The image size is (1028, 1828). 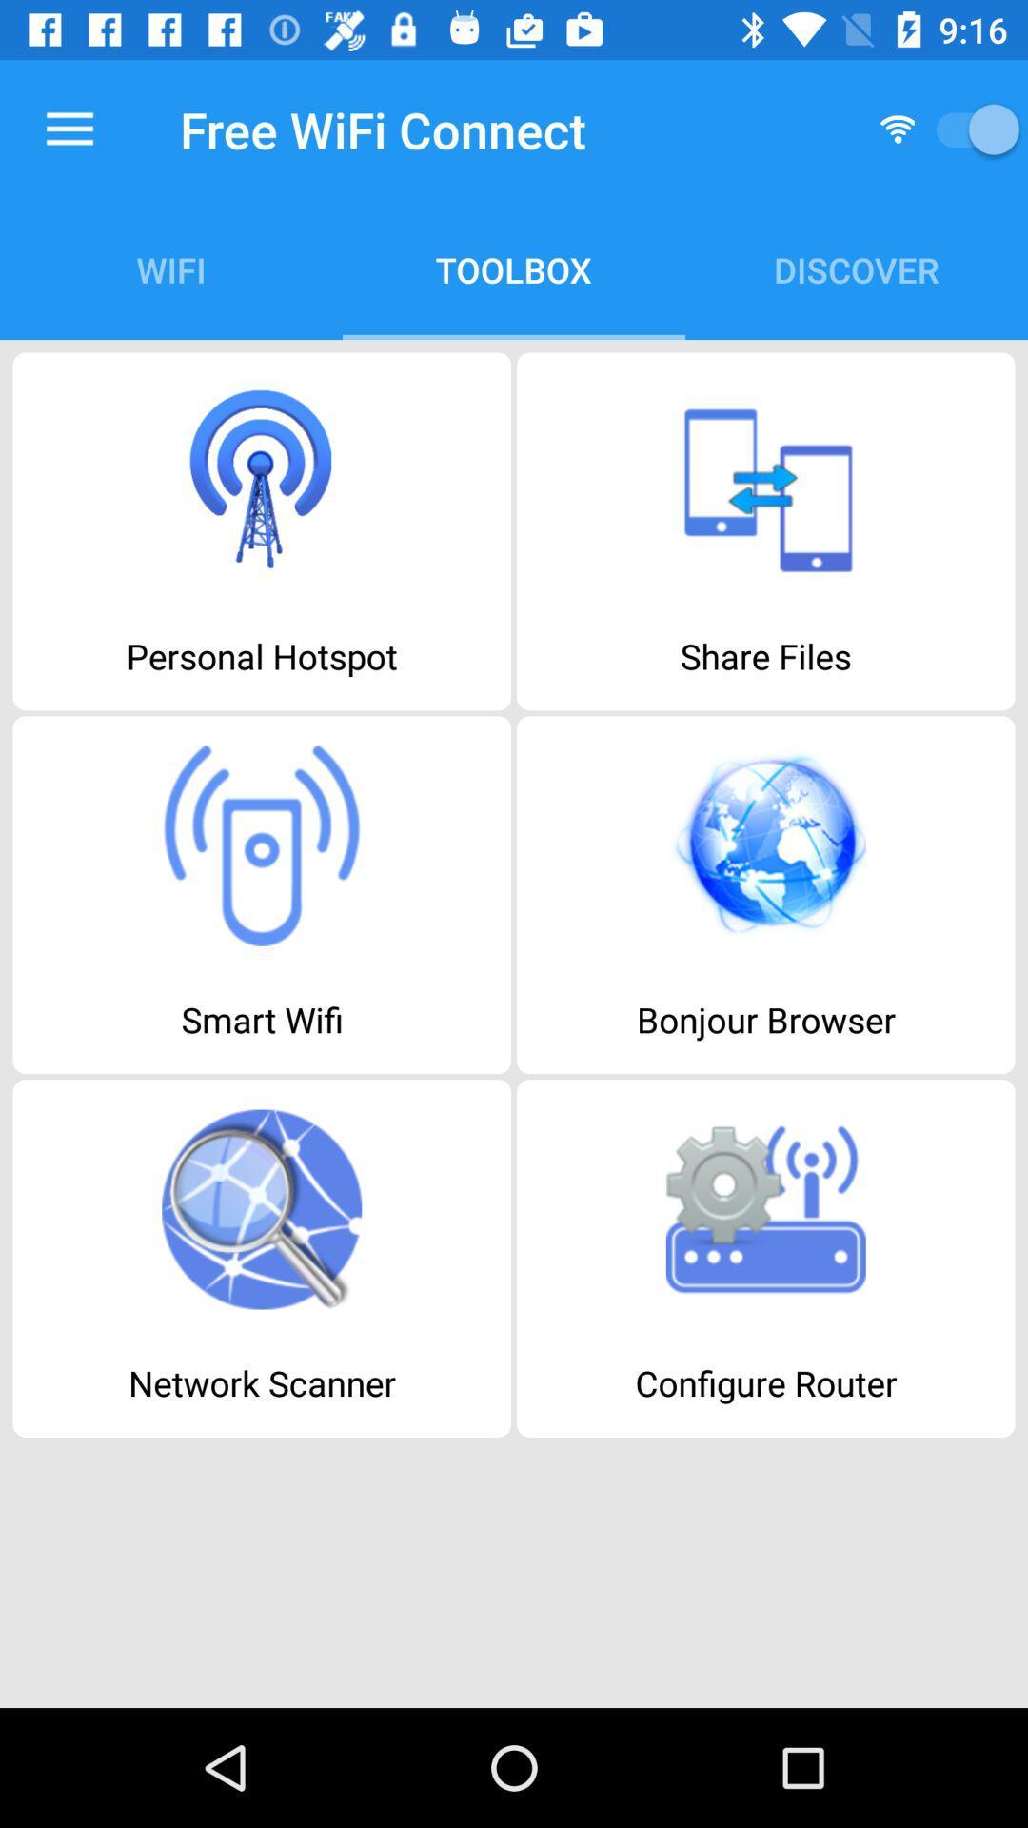 I want to click on the icon to the left of the free wifi connect, so click(x=69, y=129).